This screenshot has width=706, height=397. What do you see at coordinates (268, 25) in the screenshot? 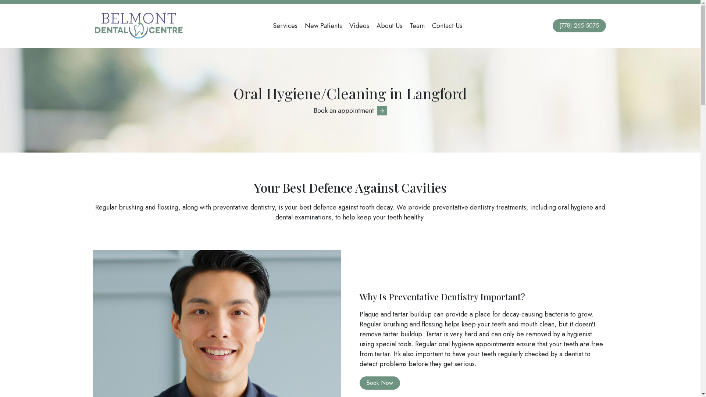
I see `'Services'` at bounding box center [268, 25].